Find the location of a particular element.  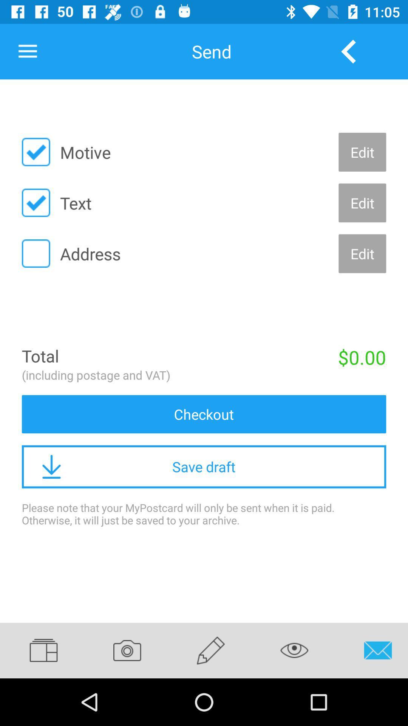

the item to the right of send icon is located at coordinates (348, 51).